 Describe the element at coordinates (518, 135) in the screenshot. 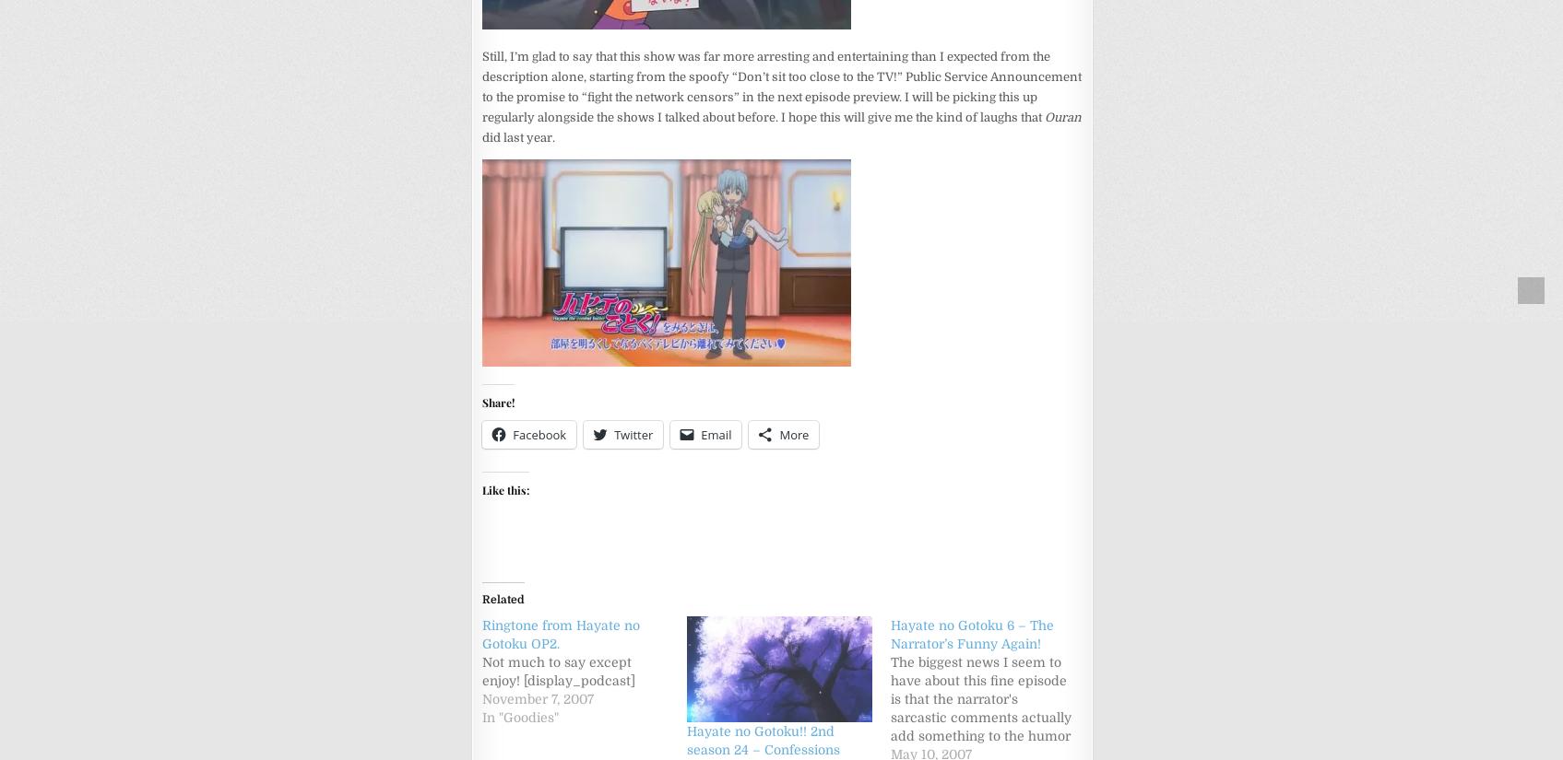

I see `'did last year.'` at that location.